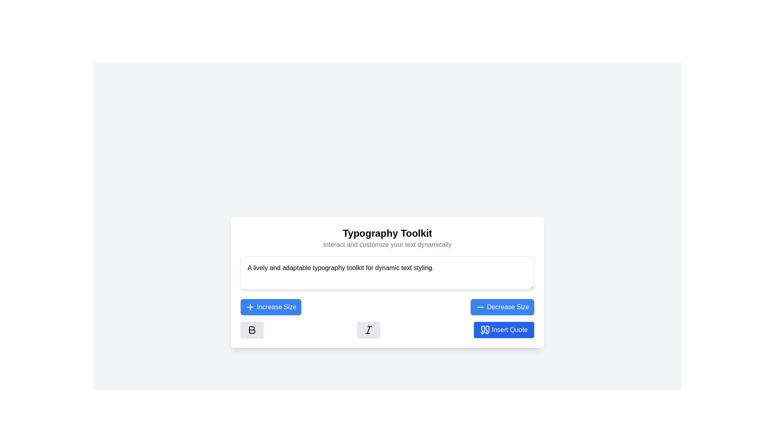 Image resolution: width=783 pixels, height=440 pixels. I want to click on the Decrease Size icon located within the 'Decrease Size' button, which is positioned in the bottom-right corner of the application interface, so click(480, 307).